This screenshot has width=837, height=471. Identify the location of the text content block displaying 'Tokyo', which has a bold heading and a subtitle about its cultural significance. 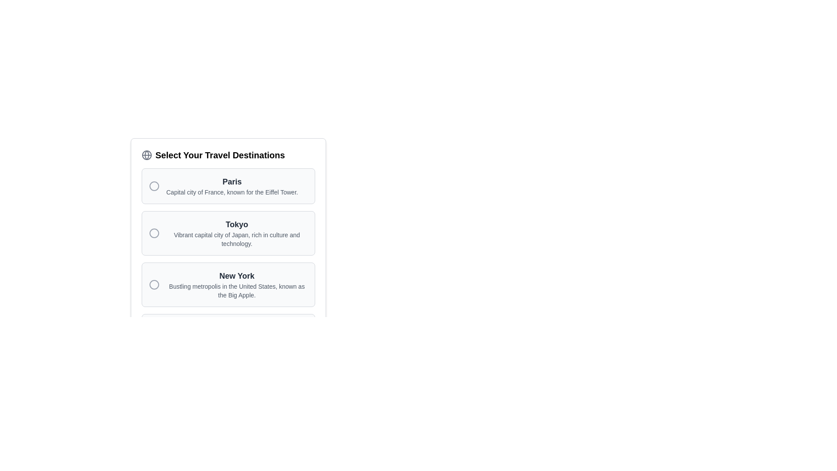
(228, 222).